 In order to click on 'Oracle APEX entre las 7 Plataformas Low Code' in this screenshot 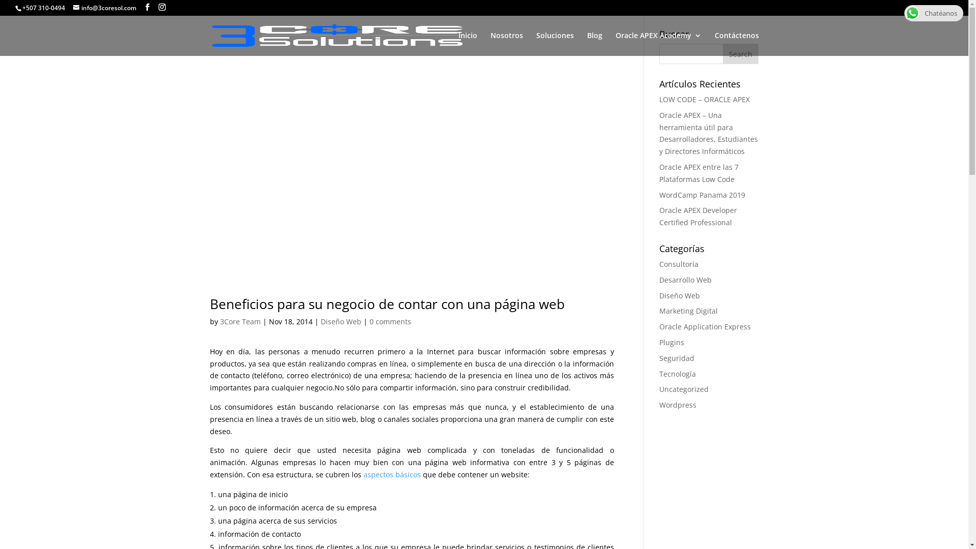, I will do `click(698, 172)`.